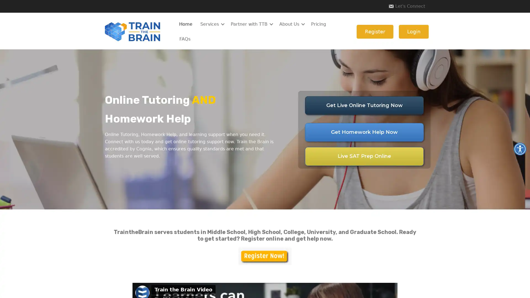  What do you see at coordinates (520, 149) in the screenshot?
I see `Accessibility Menu` at bounding box center [520, 149].